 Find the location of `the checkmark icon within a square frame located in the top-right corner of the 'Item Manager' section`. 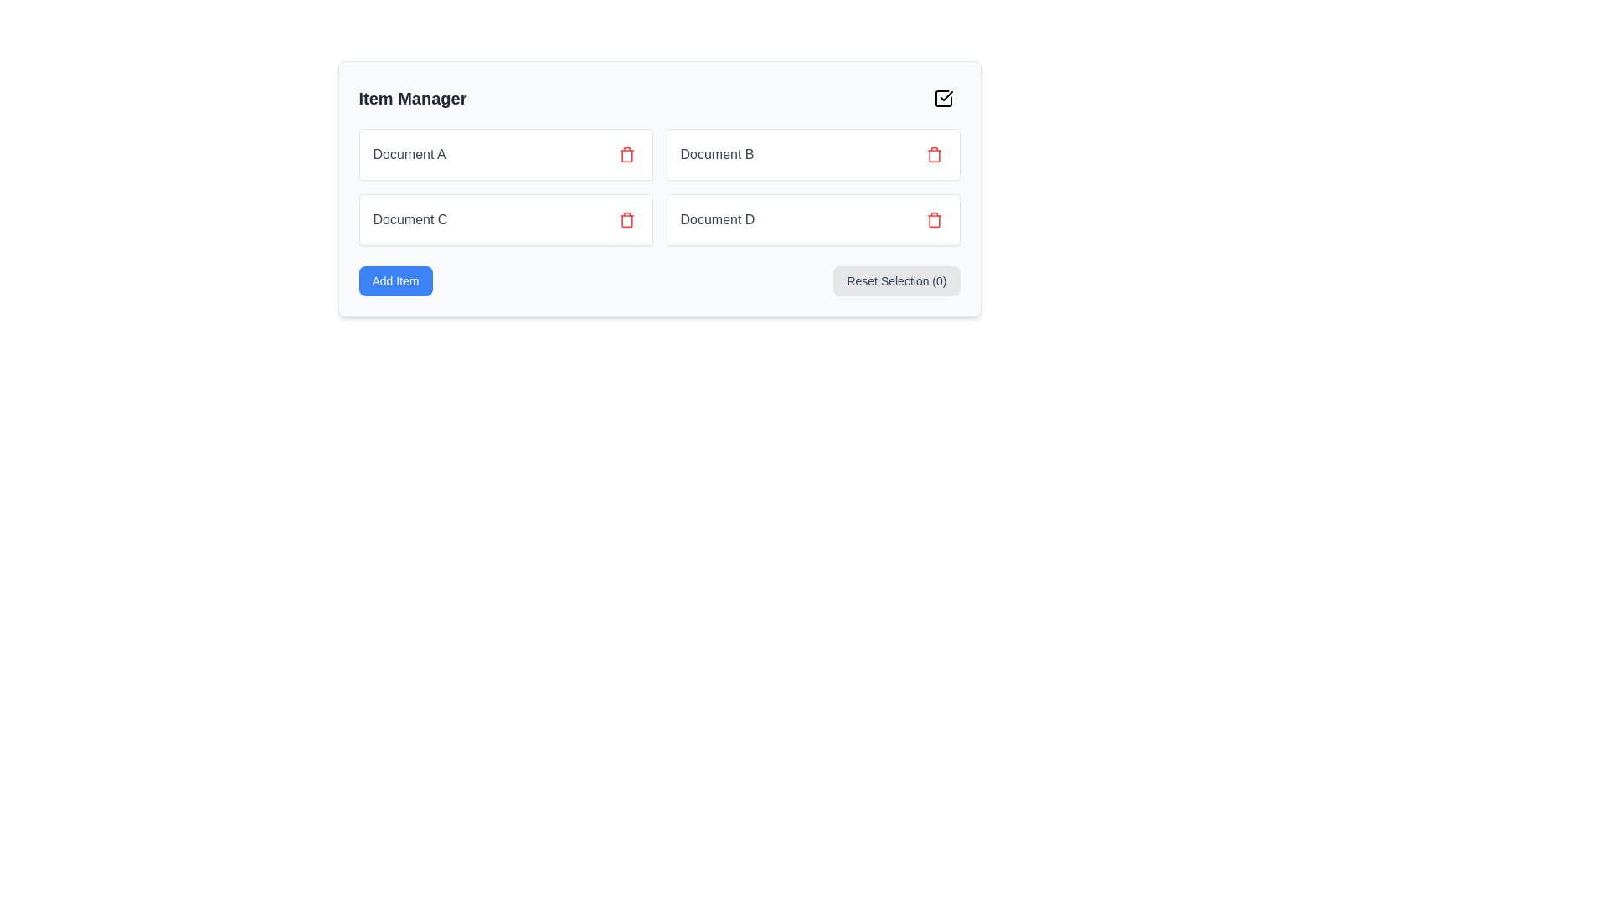

the checkmark icon within a square frame located in the top-right corner of the 'Item Manager' section is located at coordinates (946, 96).